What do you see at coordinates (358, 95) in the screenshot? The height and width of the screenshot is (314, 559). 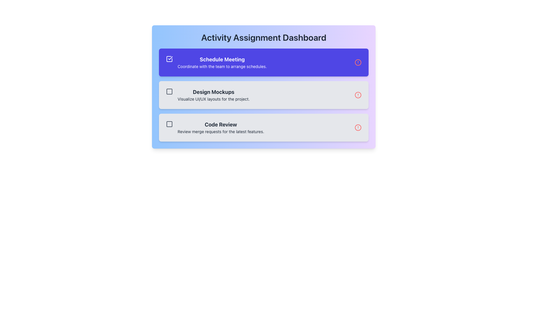 I see `the innermost circle of the warning icon located to the right of the 'Design Mockups' title in the second row of tasks` at bounding box center [358, 95].